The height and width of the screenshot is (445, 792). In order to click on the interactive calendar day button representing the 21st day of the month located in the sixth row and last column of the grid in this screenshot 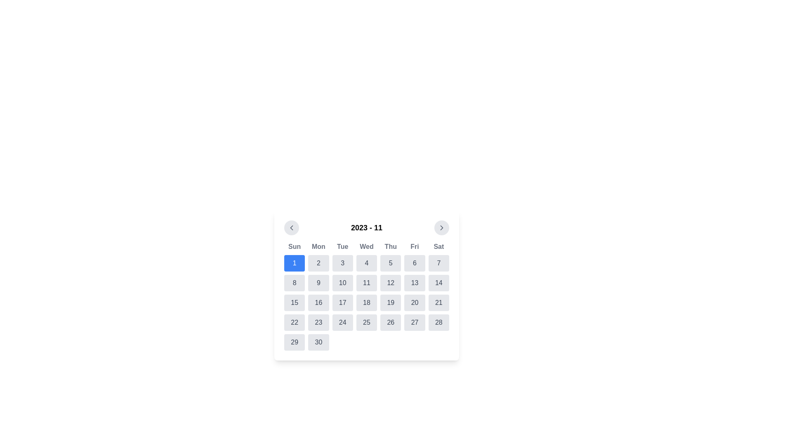, I will do `click(438, 303)`.